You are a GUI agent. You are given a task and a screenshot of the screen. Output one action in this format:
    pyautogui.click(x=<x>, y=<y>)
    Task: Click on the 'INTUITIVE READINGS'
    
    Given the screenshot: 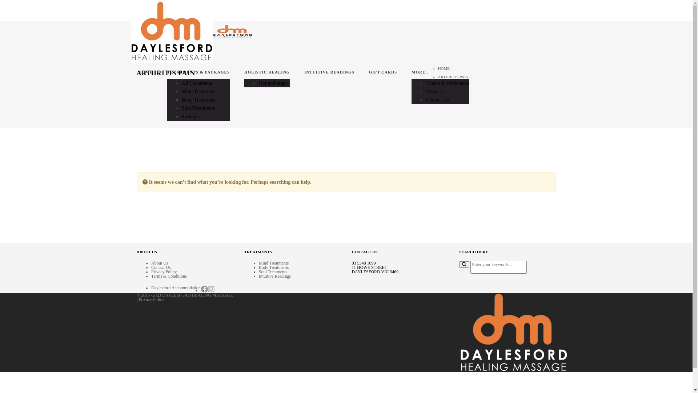 What is the action you would take?
    pyautogui.click(x=329, y=72)
    